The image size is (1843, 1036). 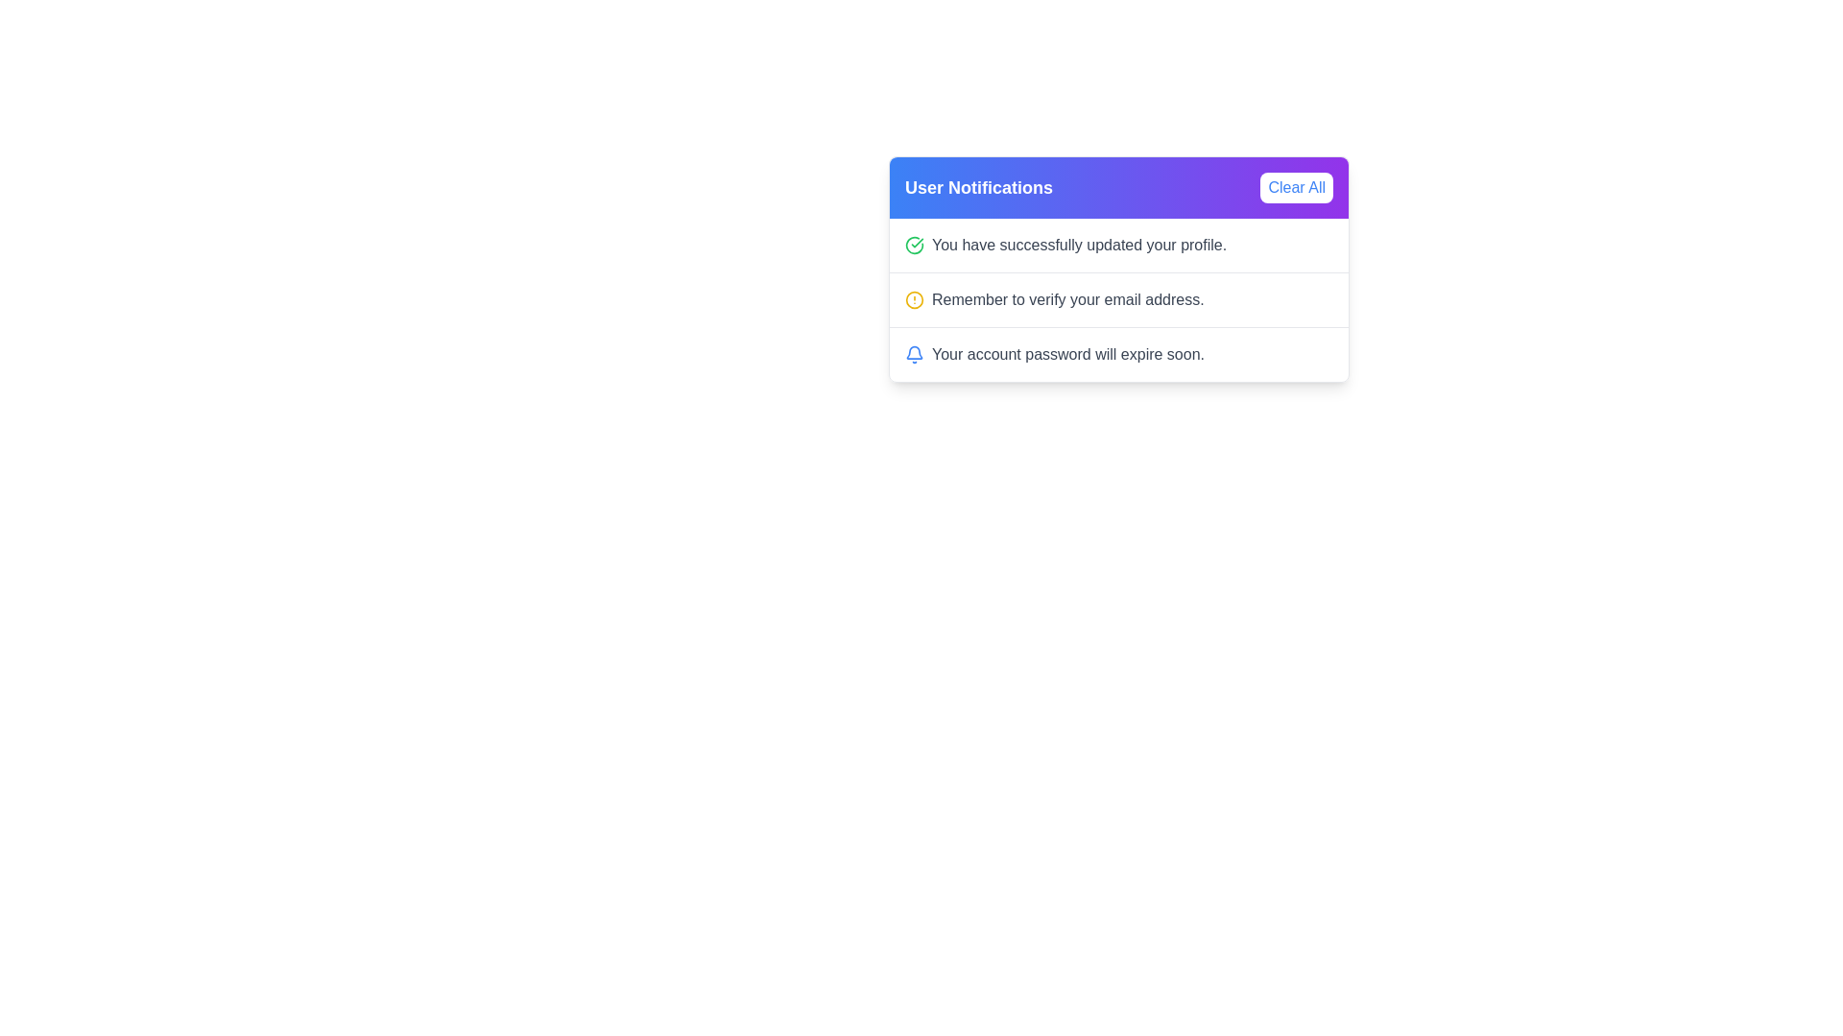 What do you see at coordinates (1119, 299) in the screenshot?
I see `the second notification message in the notification panel that reminds the user to verify their email address, located between the profile update and password expiration notifications` at bounding box center [1119, 299].